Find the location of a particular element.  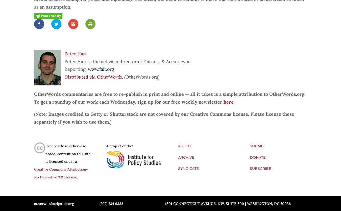

'. (OtherWords.org)' is located at coordinates (140, 76).